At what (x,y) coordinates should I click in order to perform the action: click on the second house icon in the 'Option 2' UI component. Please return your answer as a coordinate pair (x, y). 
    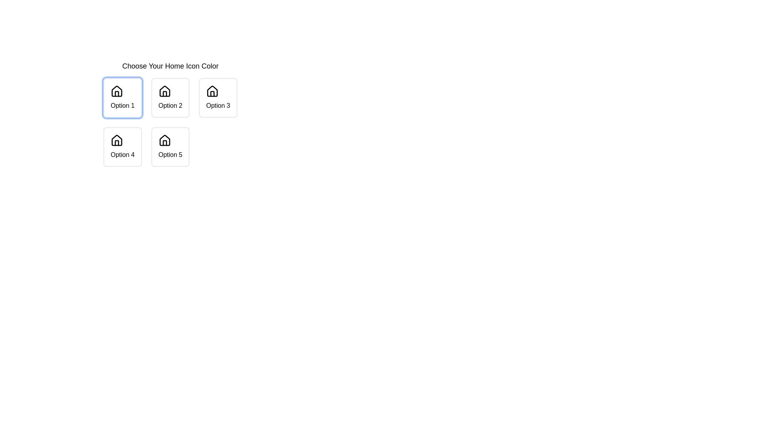
    Looking at the image, I should click on (164, 91).